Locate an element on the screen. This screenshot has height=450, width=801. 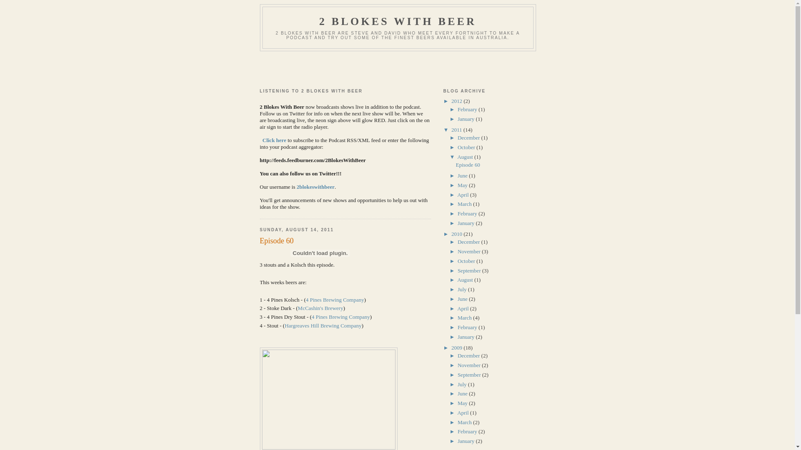
'Hargreaves Hill Brewing Company' is located at coordinates (284, 325).